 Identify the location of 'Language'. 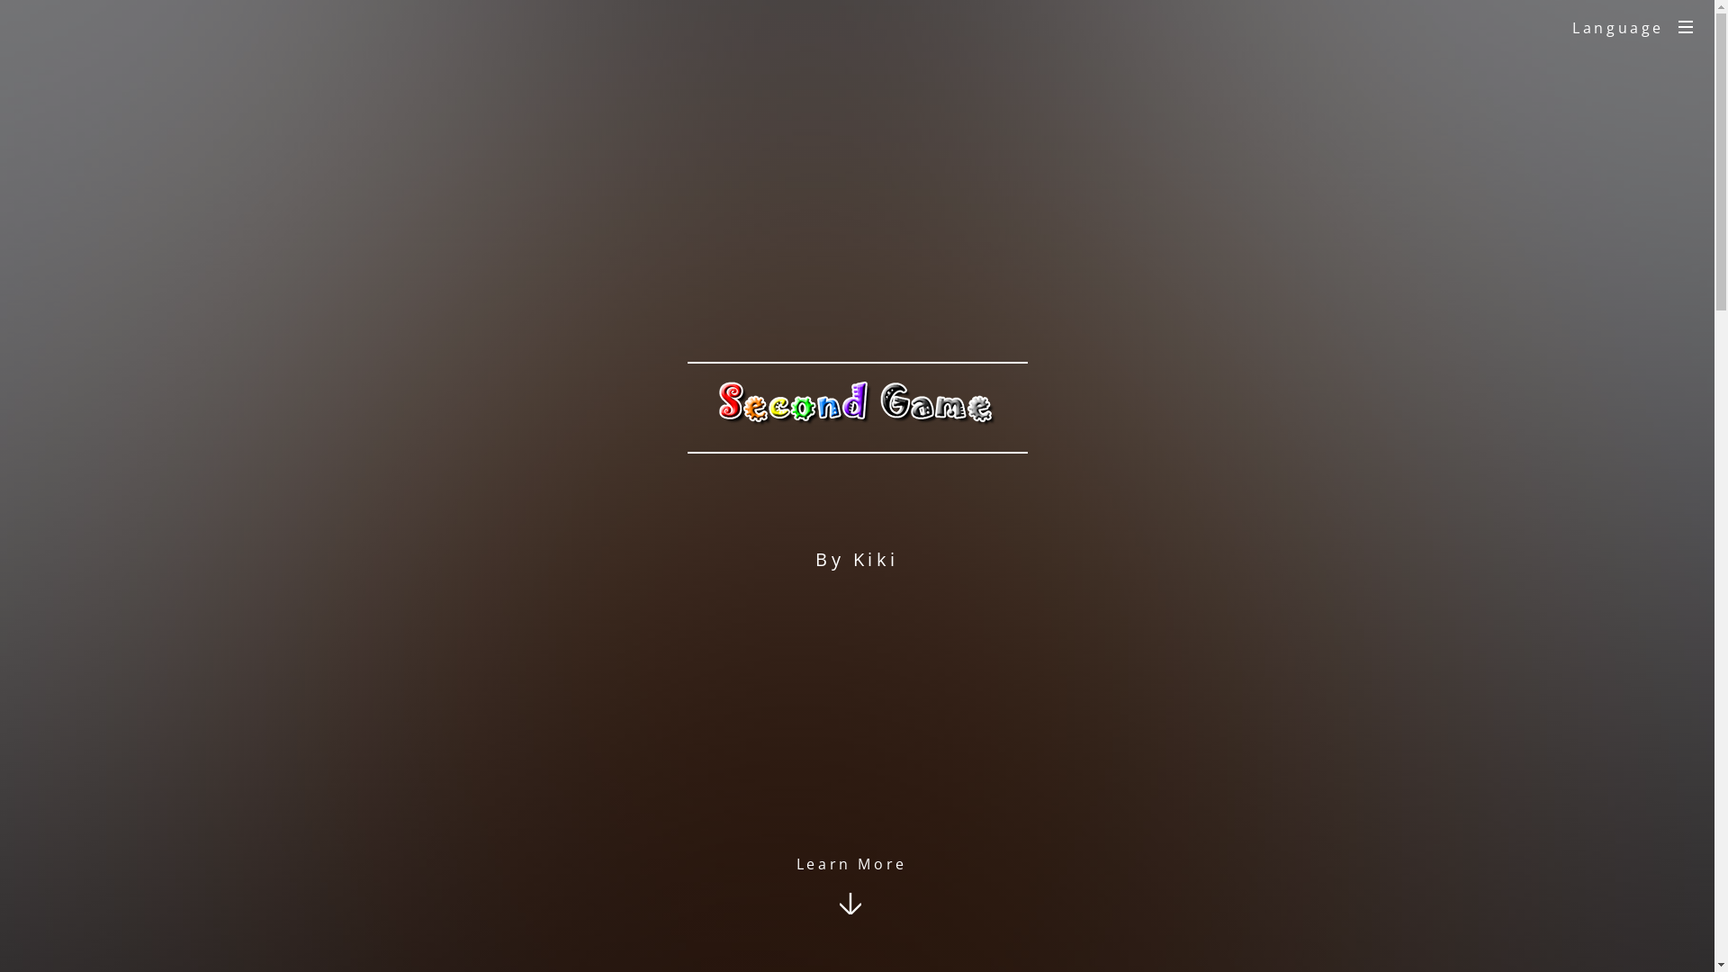
(1550, 27).